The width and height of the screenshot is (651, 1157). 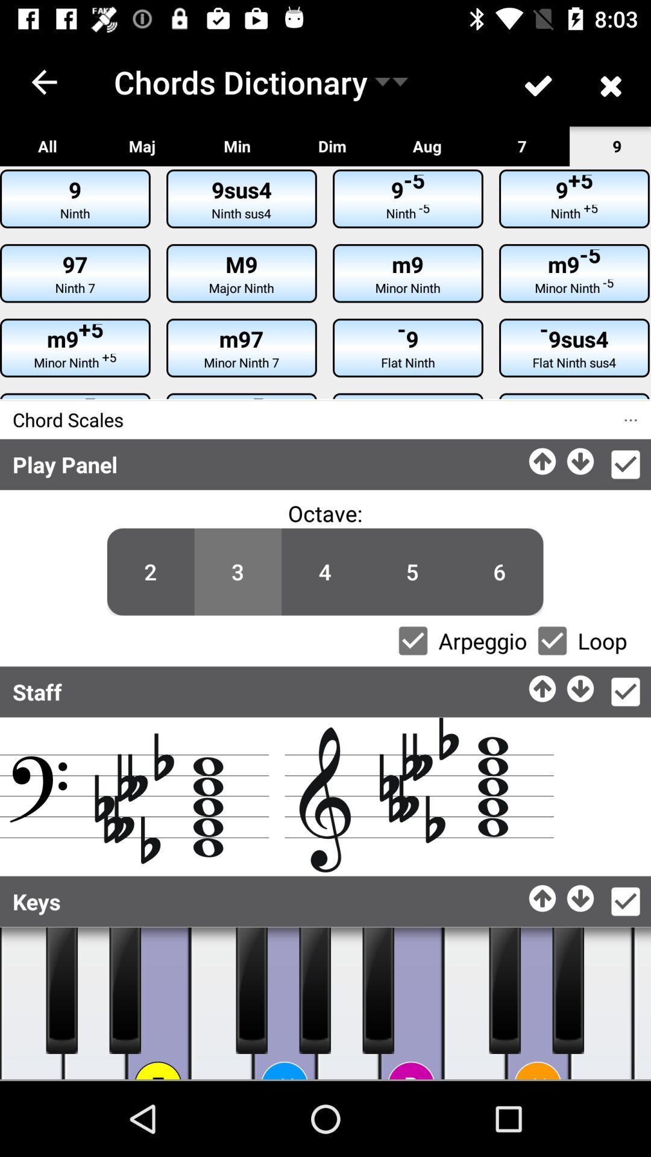 What do you see at coordinates (552, 640) in the screenshot?
I see `loop` at bounding box center [552, 640].